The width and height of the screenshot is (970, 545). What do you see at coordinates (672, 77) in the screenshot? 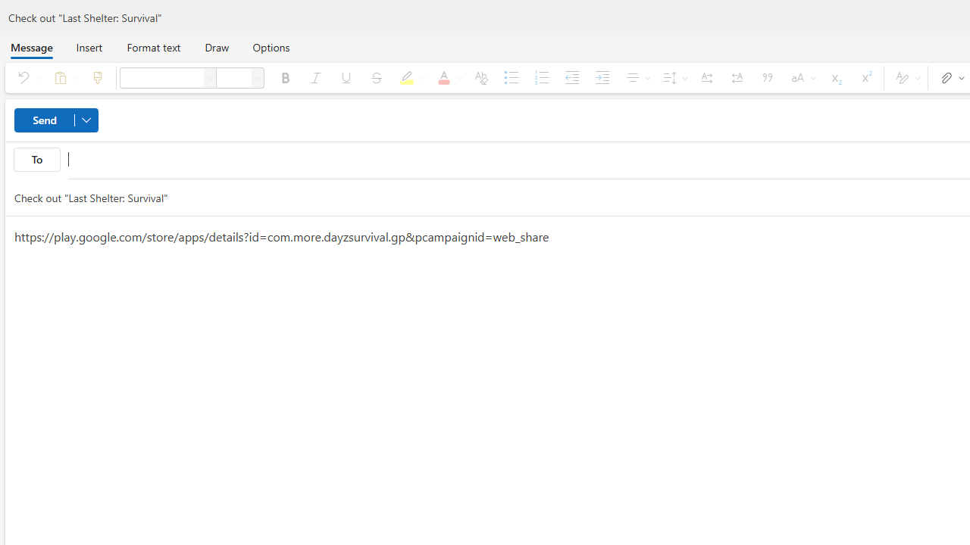
I see `'Spacing'` at bounding box center [672, 77].